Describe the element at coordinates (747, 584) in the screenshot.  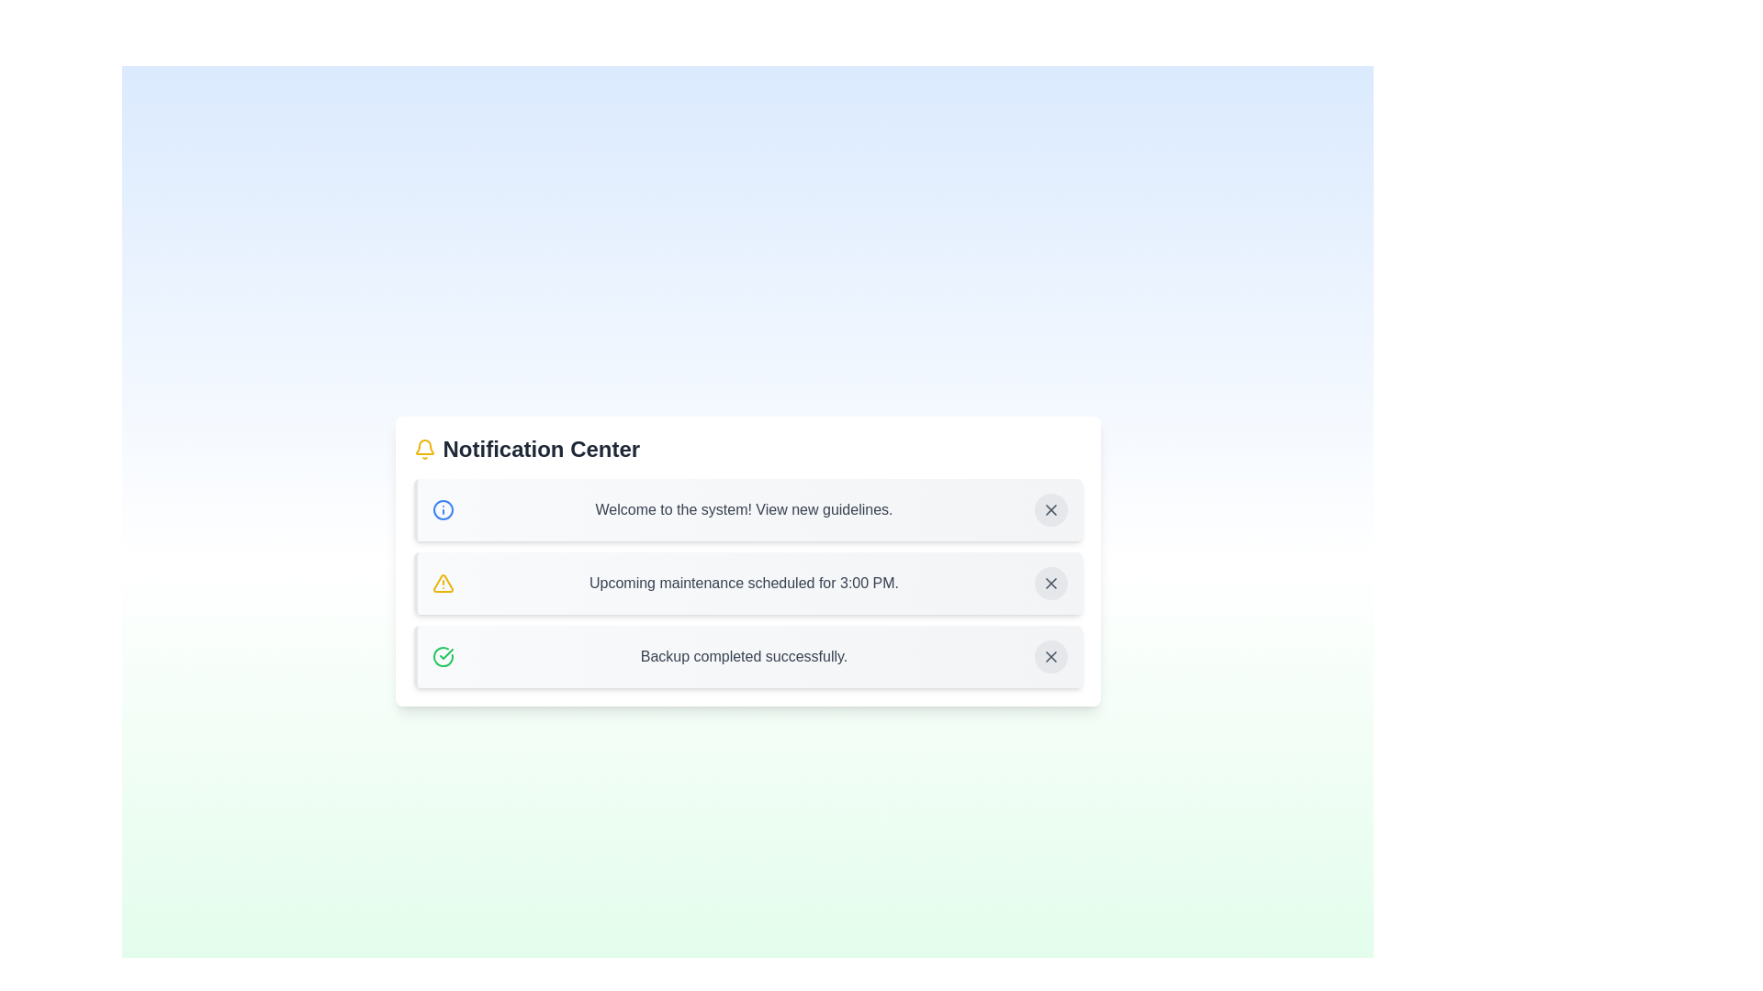
I see `notification from the second notification box located below the 'Welcome to the system! View new guidelines.' and above 'Backup completed successfully.'` at that location.